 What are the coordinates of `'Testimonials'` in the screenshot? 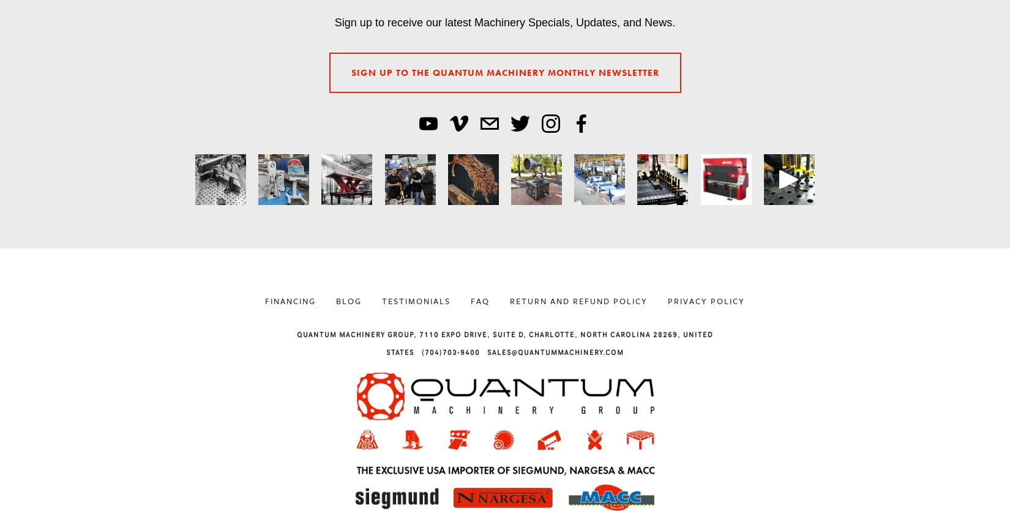 It's located at (415, 300).